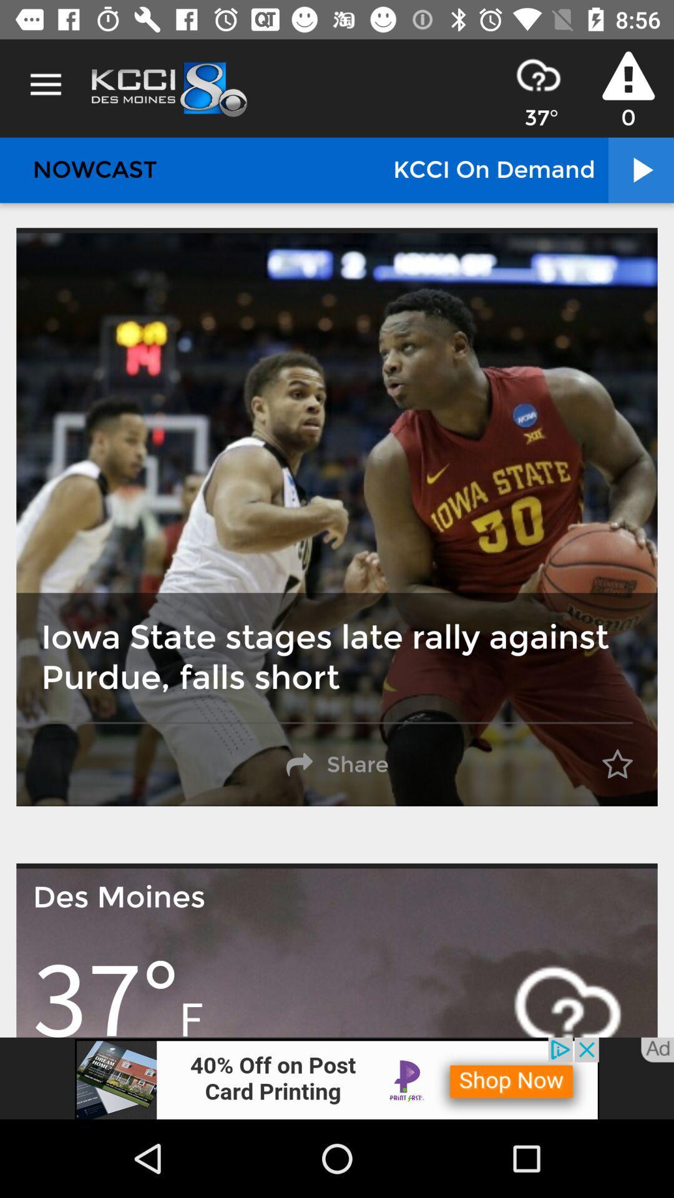 The image size is (674, 1198). What do you see at coordinates (337, 1078) in the screenshot?
I see `advertisement` at bounding box center [337, 1078].